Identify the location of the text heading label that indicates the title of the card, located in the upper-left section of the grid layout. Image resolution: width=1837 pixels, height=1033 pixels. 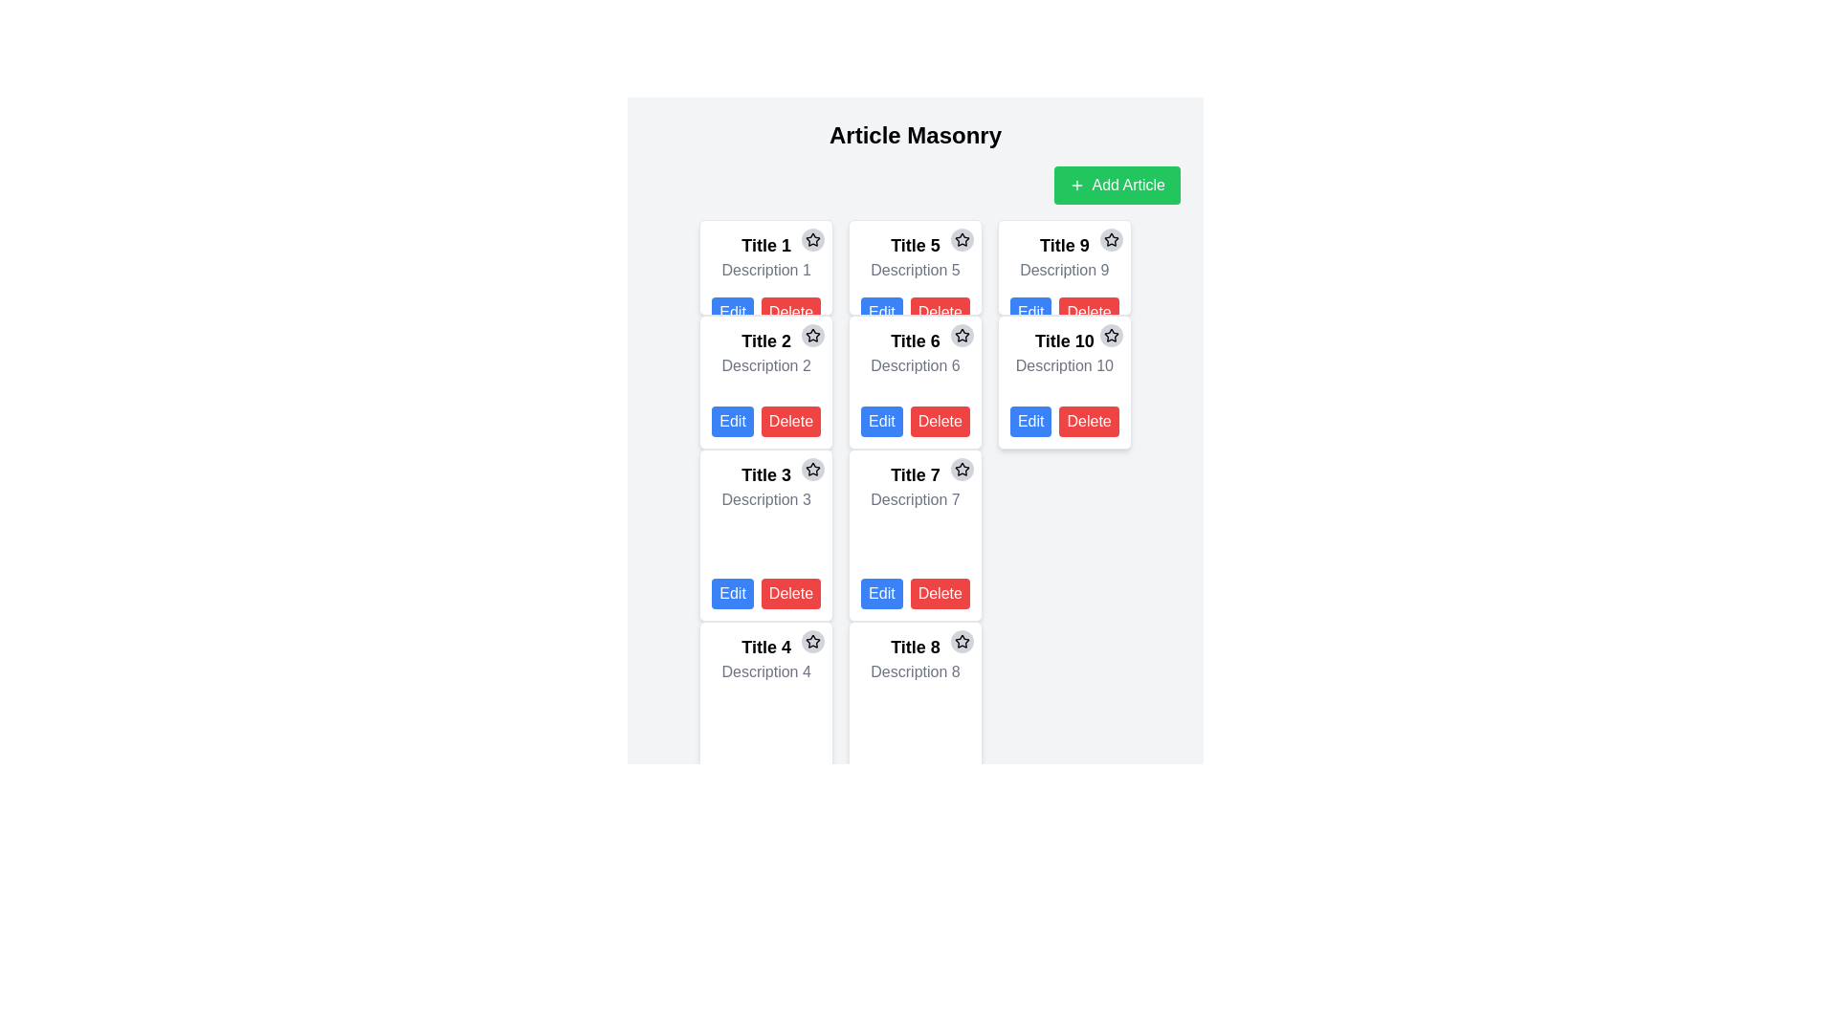
(766, 474).